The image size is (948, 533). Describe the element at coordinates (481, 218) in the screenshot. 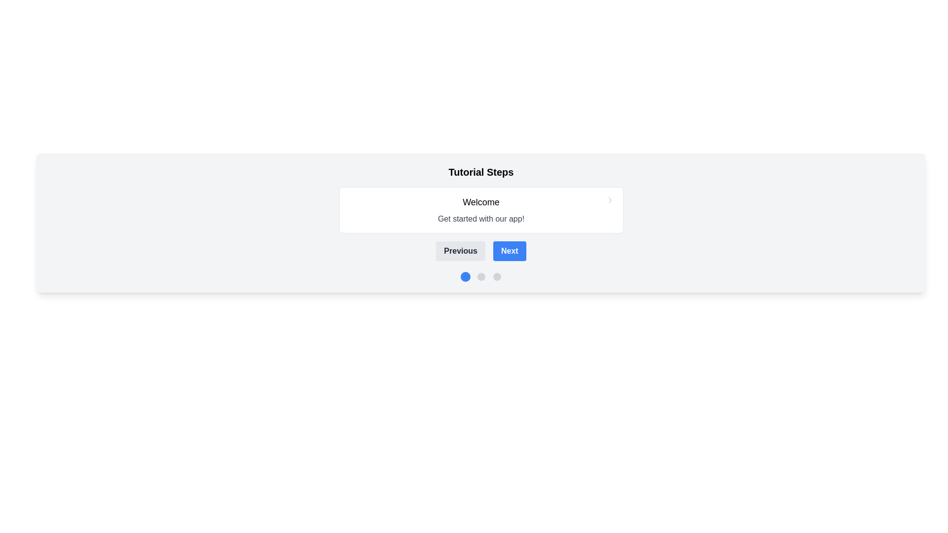

I see `static text displayed as a subtitle within the white card, located below the 'Welcome' text and above the chevron icon, centered horizontally` at that location.